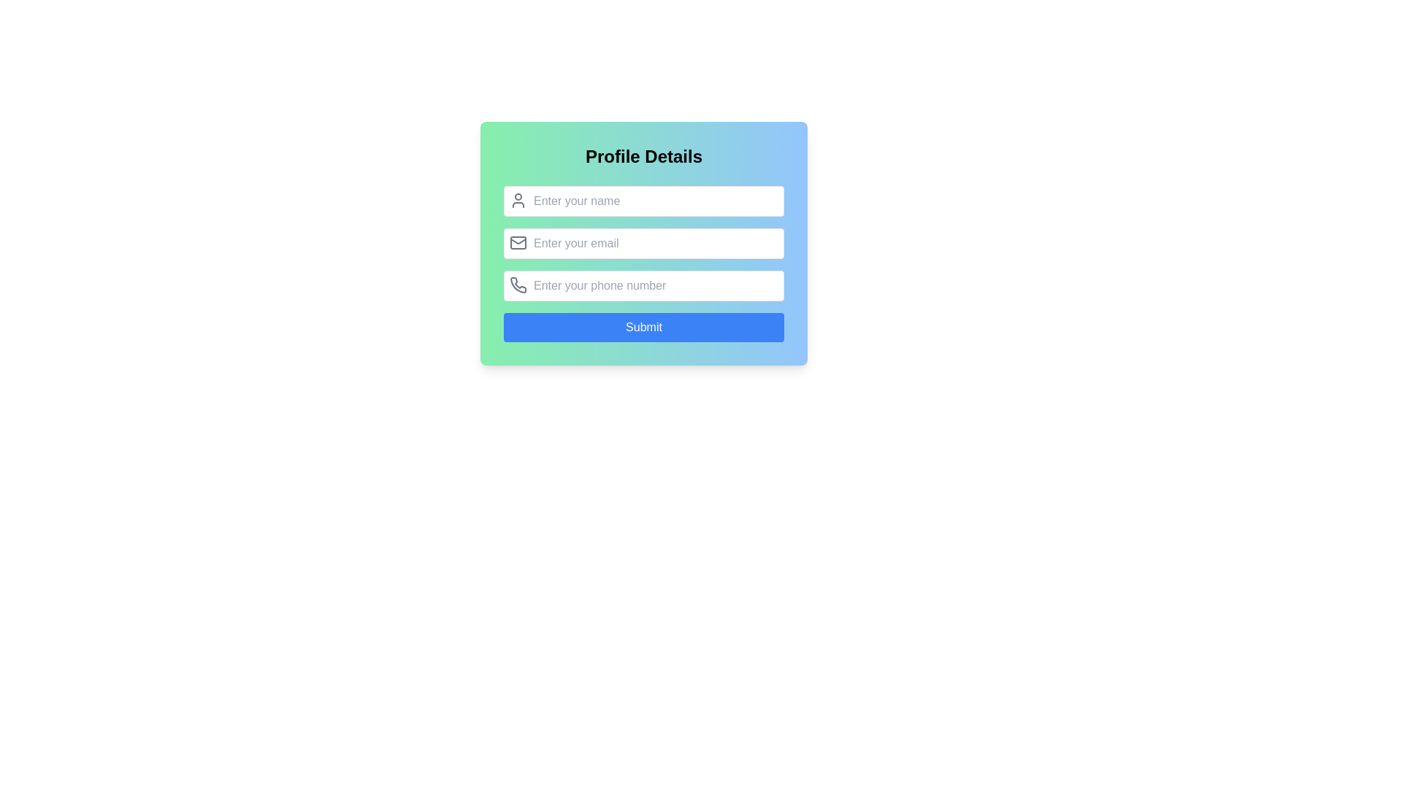 The image size is (1402, 788). What do you see at coordinates (518, 285) in the screenshot?
I see `the phone number input icon located at the beginning of the input field` at bounding box center [518, 285].